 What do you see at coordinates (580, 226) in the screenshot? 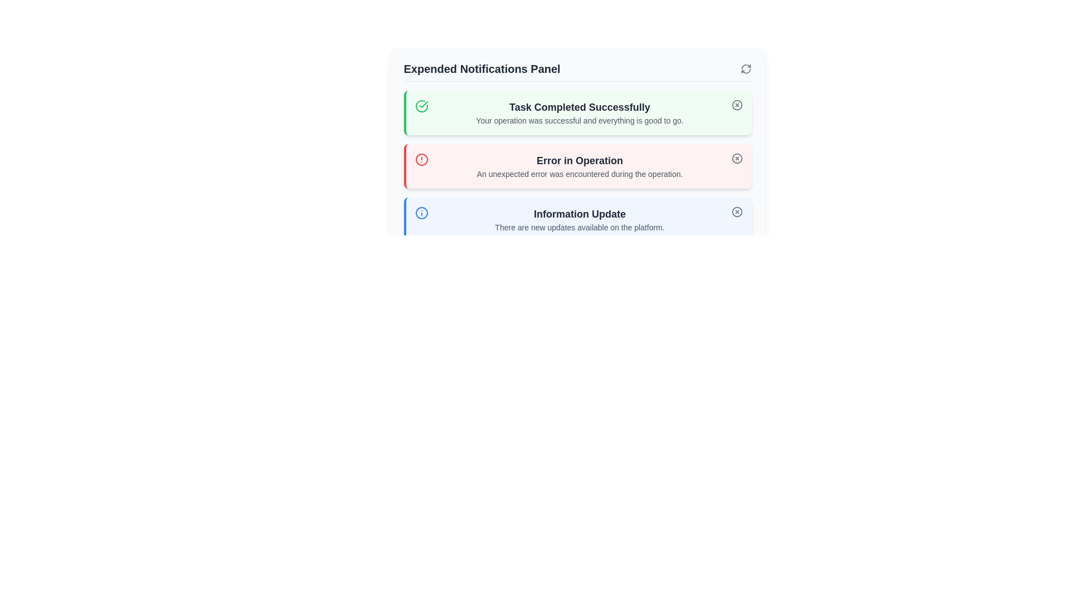
I see `text block displaying the message 'There are new updates available on the platform.' located in the notification labeled 'Information Update.'` at bounding box center [580, 226].